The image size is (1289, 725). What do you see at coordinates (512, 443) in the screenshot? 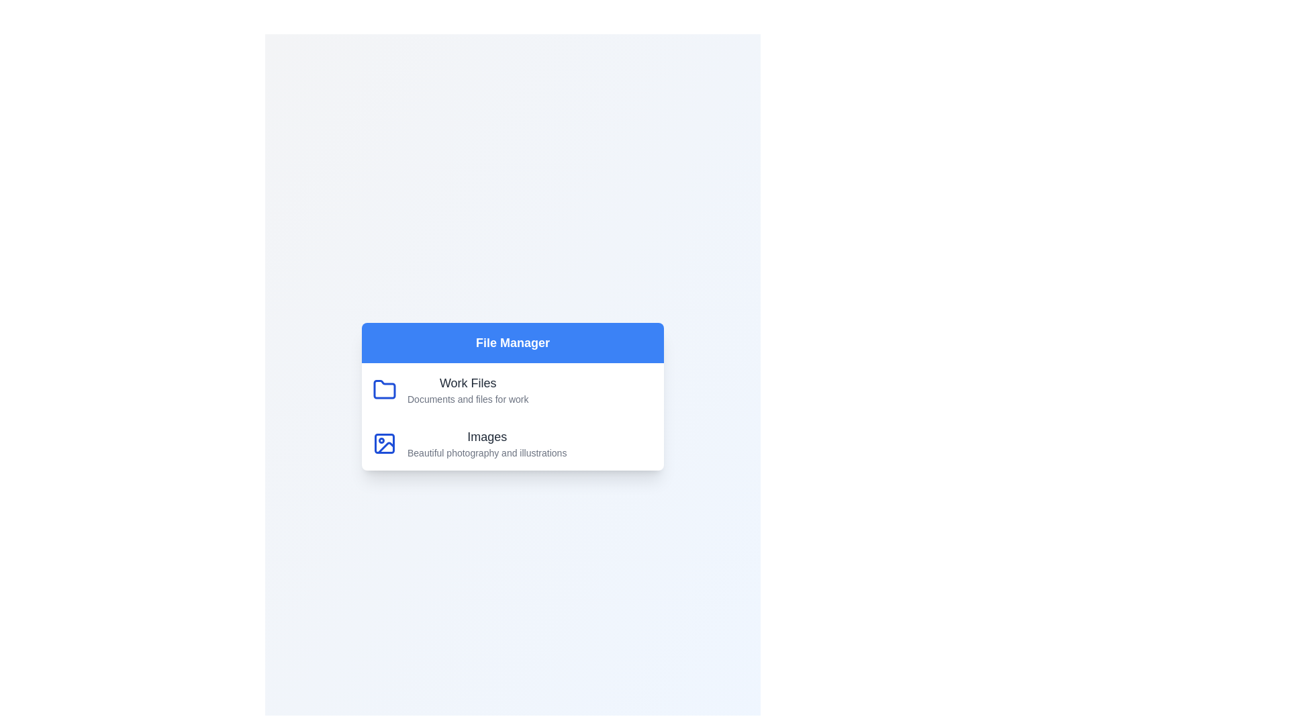
I see `the category item Images to select it` at bounding box center [512, 443].